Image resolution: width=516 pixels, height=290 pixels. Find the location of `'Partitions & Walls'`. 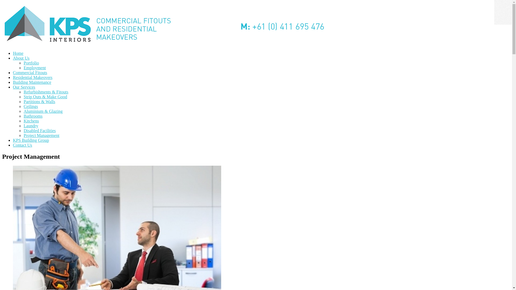

'Partitions & Walls' is located at coordinates (39, 102).